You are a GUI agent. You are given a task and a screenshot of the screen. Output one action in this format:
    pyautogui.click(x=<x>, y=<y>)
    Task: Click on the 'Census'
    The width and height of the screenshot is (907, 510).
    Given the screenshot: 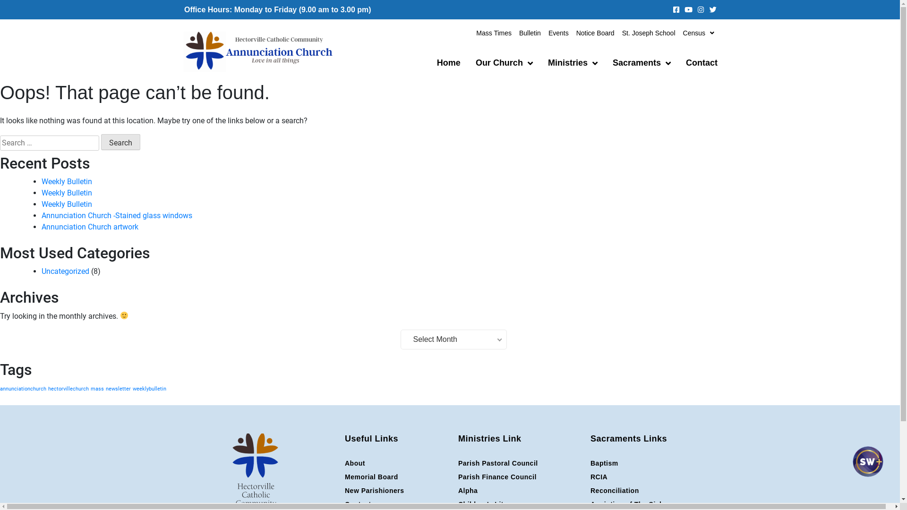 What is the action you would take?
    pyautogui.click(x=698, y=32)
    